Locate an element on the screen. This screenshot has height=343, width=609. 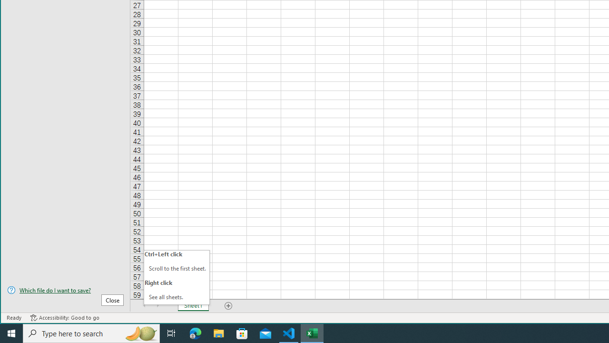
'Microsoft Store' is located at coordinates (242, 333).